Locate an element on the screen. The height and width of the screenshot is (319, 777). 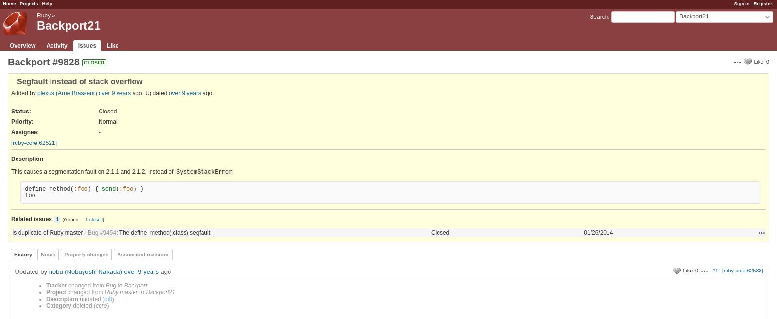
'Property changes' is located at coordinates (85, 254).